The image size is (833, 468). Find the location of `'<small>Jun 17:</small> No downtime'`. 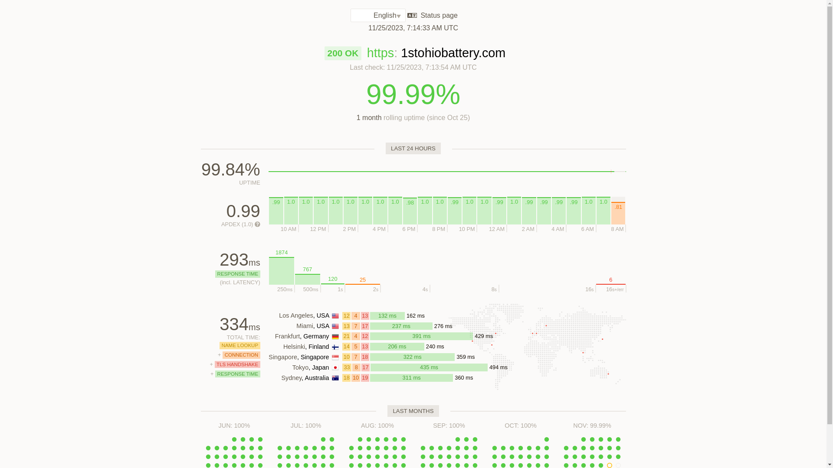

'<small>Jun 17:</small> No downtime' is located at coordinates (247, 456).